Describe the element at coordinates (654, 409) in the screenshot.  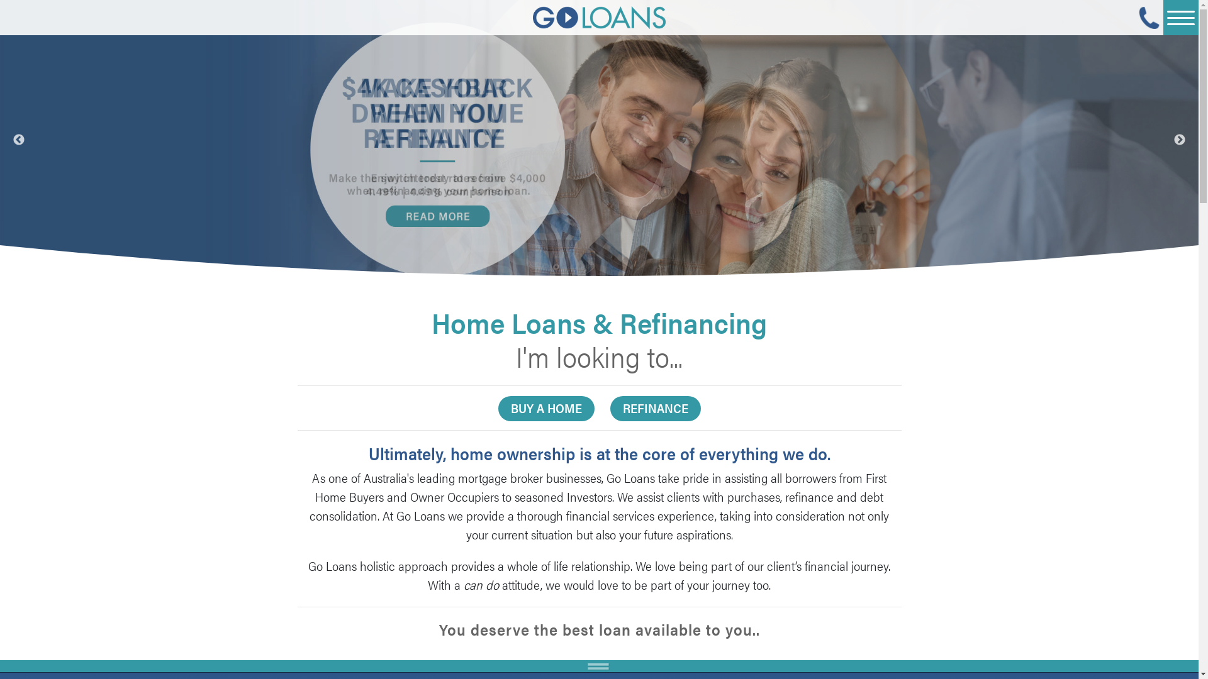
I see `'REFINANCE'` at that location.